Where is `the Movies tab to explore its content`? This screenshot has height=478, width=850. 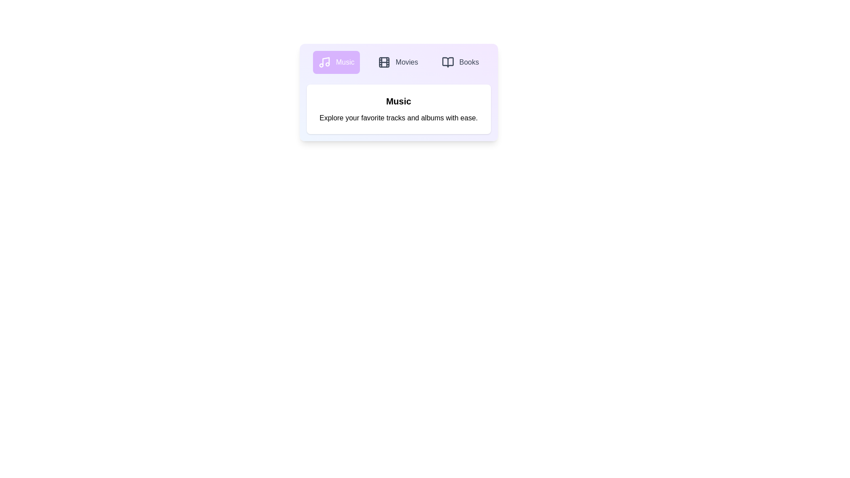 the Movies tab to explore its content is located at coordinates (397, 62).